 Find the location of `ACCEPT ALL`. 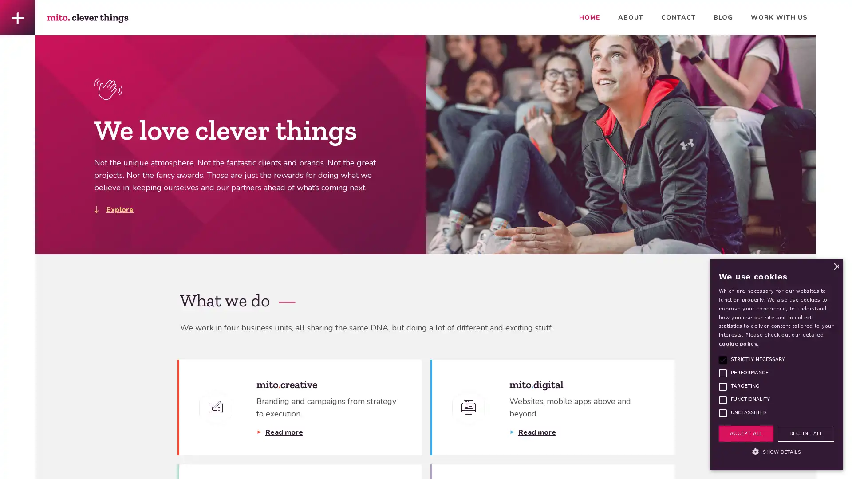

ACCEPT ALL is located at coordinates (745, 433).